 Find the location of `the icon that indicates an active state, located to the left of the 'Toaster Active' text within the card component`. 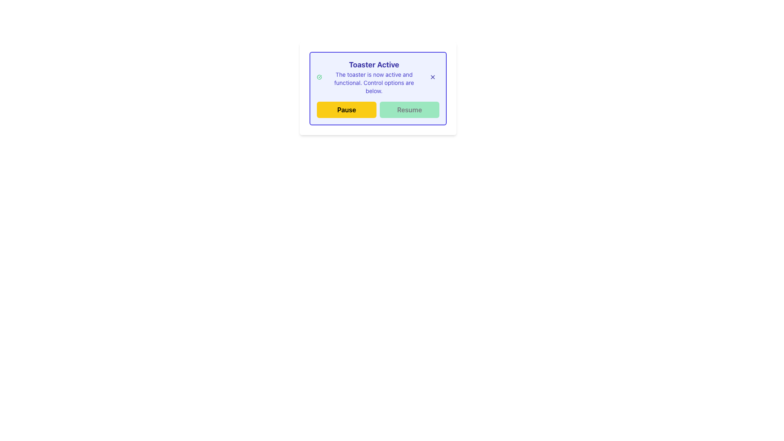

the icon that indicates an active state, located to the left of the 'Toaster Active' text within the card component is located at coordinates (319, 77).